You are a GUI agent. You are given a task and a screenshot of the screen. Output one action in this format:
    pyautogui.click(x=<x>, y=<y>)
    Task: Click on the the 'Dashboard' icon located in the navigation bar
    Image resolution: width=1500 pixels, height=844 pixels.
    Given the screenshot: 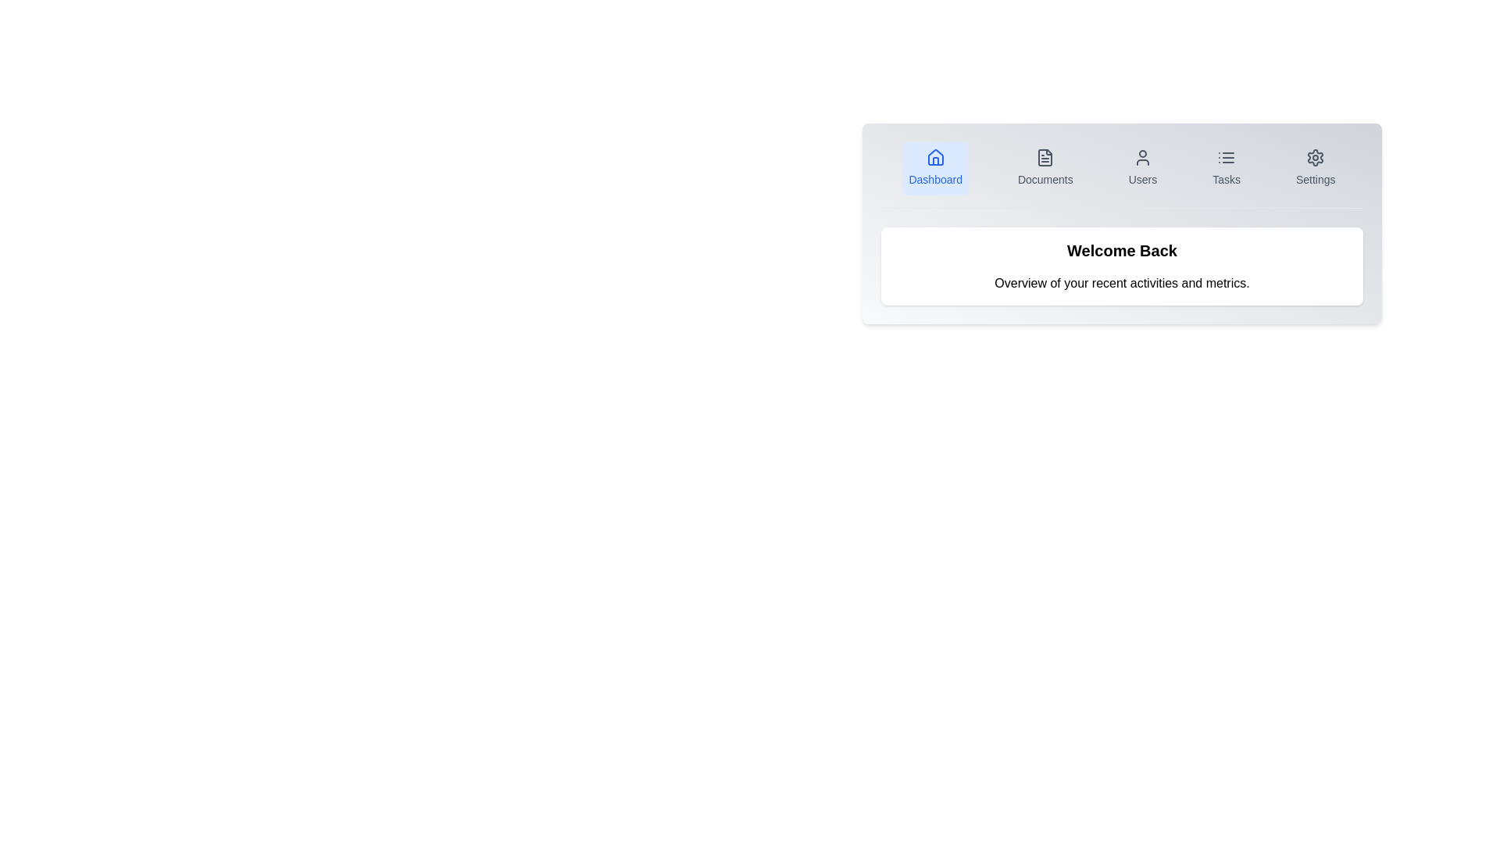 What is the action you would take?
    pyautogui.click(x=935, y=157)
    